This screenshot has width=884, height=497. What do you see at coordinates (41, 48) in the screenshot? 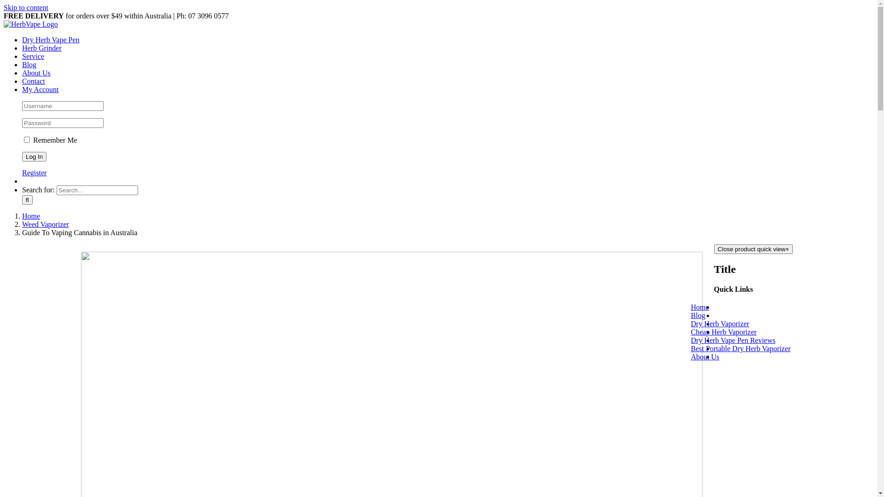
I see `'Herb Grinder'` at bounding box center [41, 48].